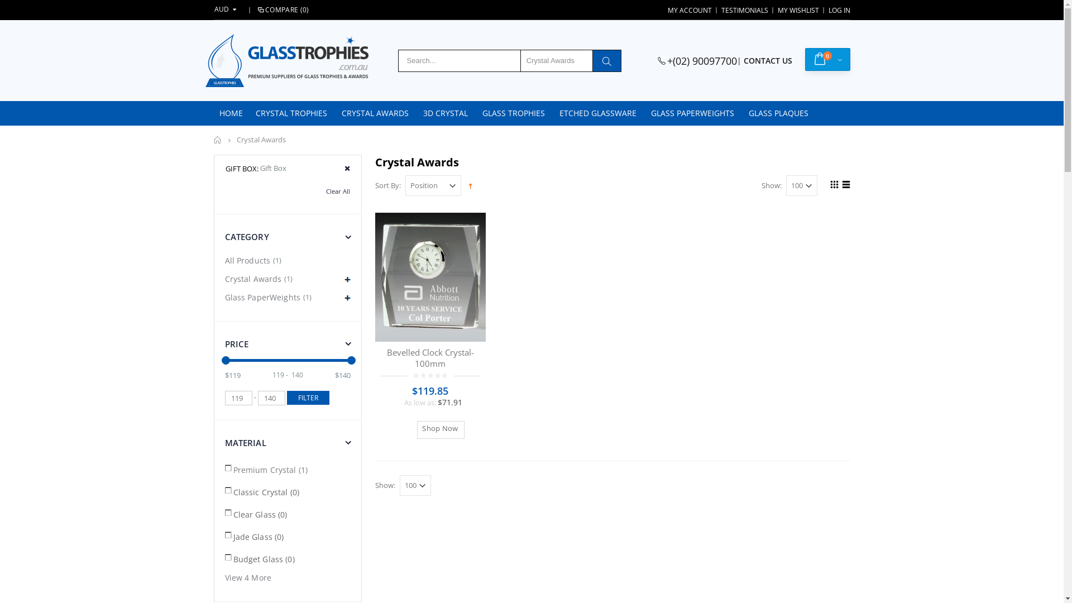  Describe the element at coordinates (839, 10) in the screenshot. I see `'LOG IN'` at that location.